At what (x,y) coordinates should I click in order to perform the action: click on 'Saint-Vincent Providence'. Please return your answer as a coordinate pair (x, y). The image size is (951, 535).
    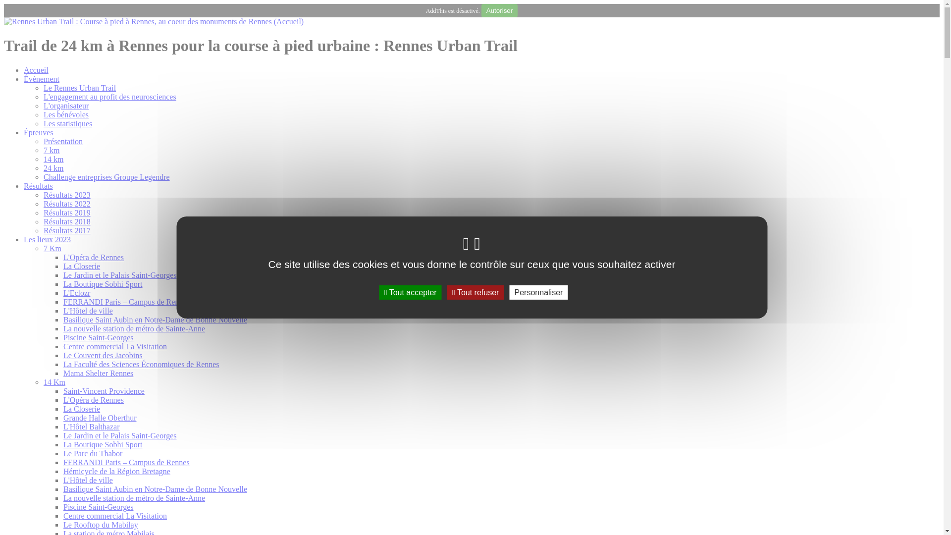
    Looking at the image, I should click on (104, 390).